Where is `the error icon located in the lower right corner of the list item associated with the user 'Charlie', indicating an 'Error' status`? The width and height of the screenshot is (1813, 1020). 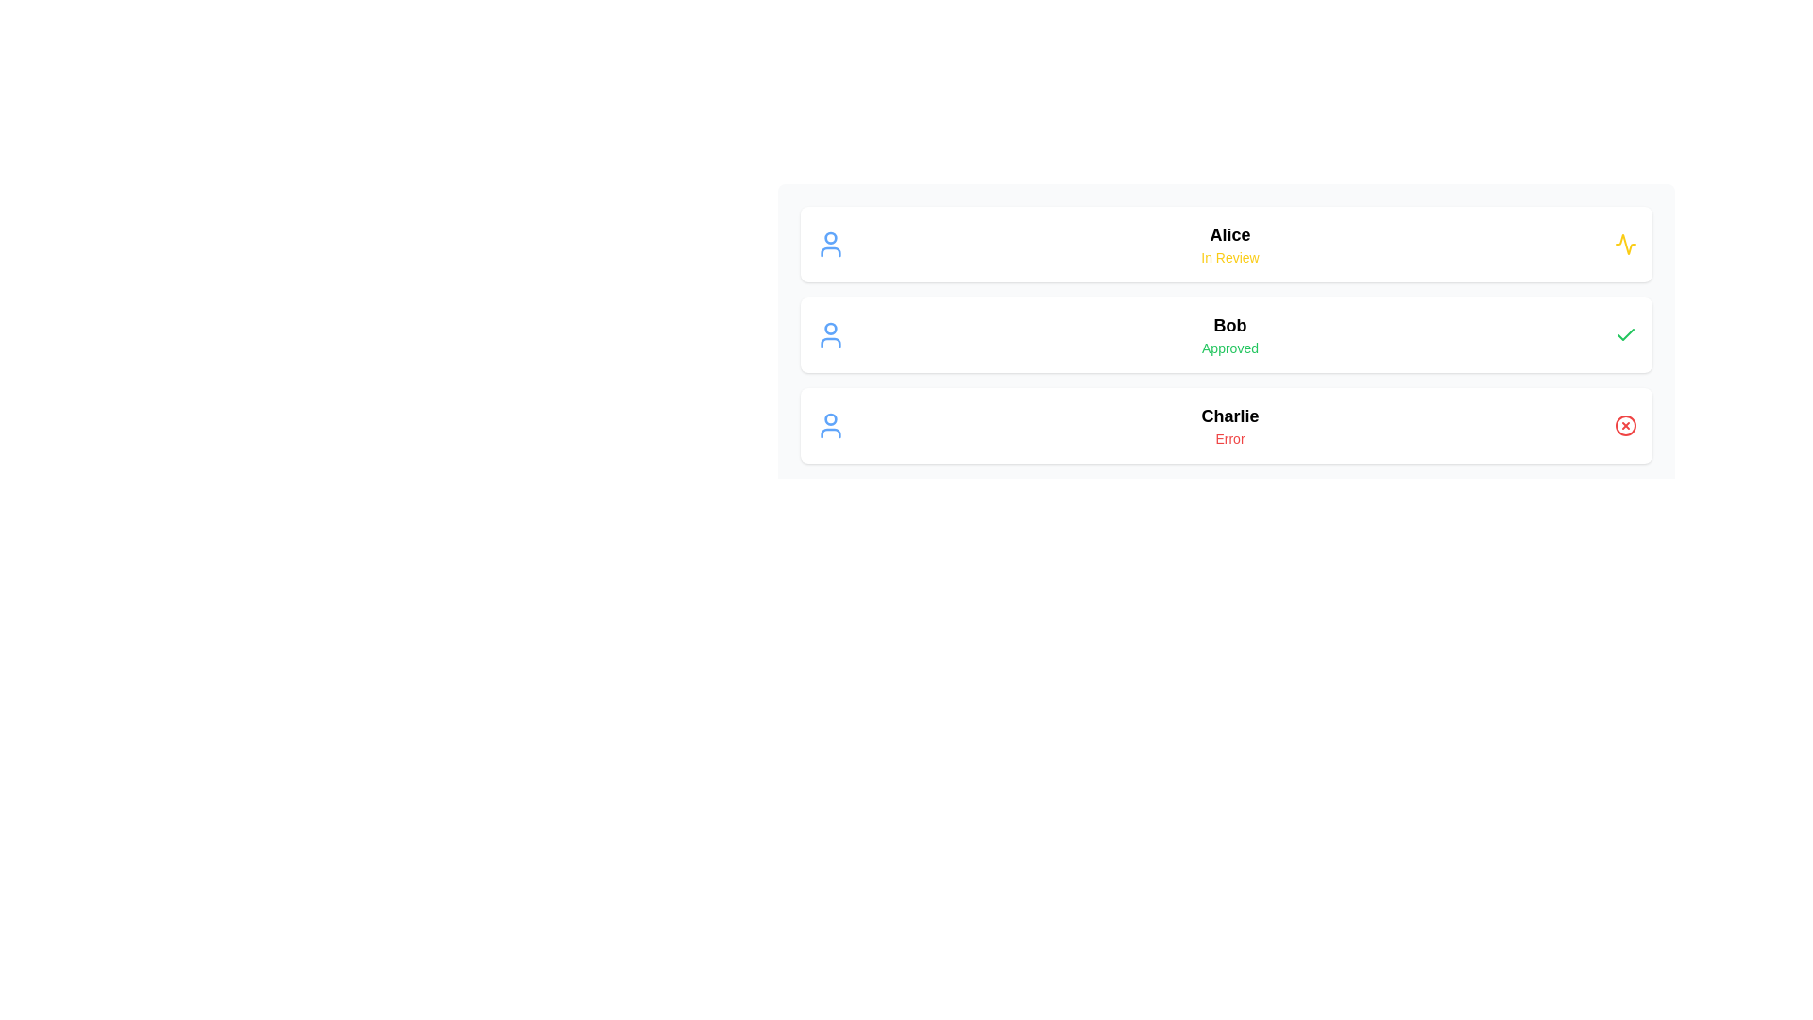
the error icon located in the lower right corner of the list item associated with the user 'Charlie', indicating an 'Error' status is located at coordinates (1625, 426).